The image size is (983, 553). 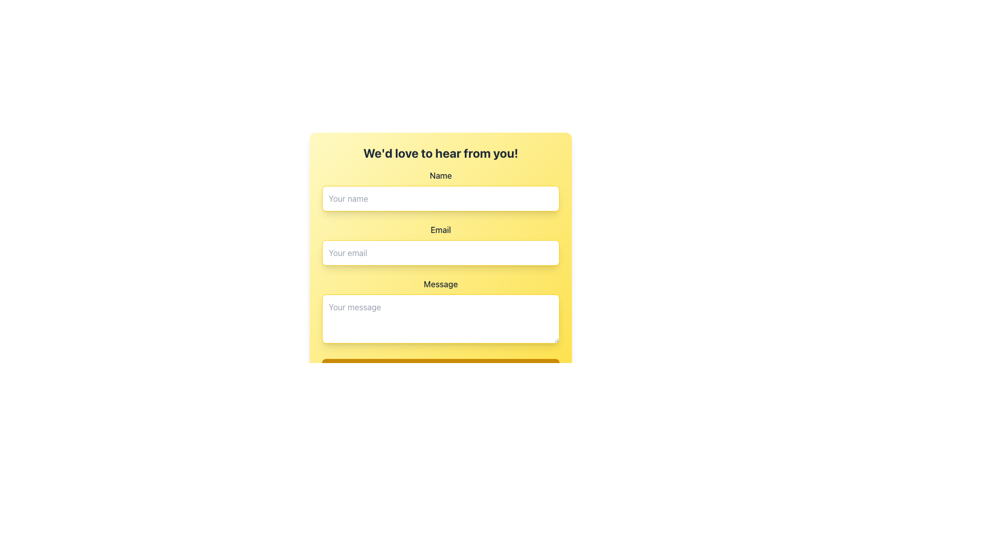 What do you see at coordinates (440, 229) in the screenshot?
I see `the label that identifies the input field for the user's email address, located between the 'Name' field and the 'Your email' input field` at bounding box center [440, 229].